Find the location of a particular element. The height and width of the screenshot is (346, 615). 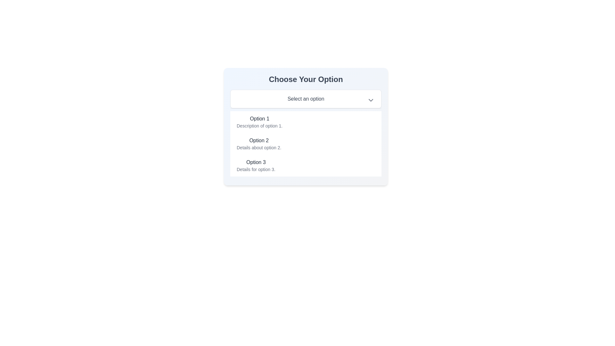

the third option in the 'Choose Your Option' dropdown menu for interaction is located at coordinates (256, 165).